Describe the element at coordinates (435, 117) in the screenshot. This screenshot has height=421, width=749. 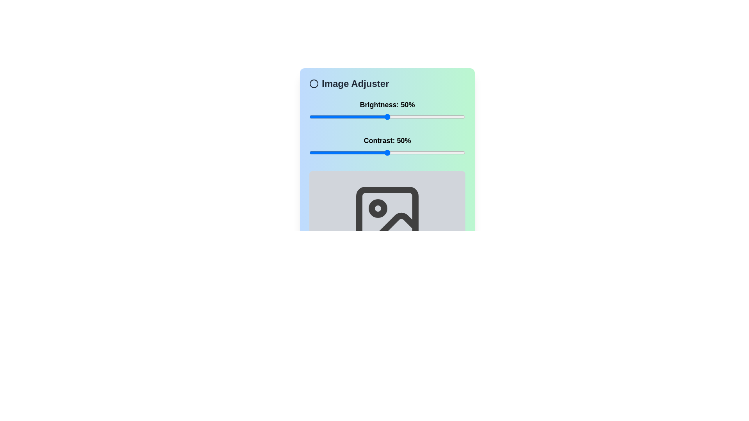
I see `the brightness slider to 81%` at that location.